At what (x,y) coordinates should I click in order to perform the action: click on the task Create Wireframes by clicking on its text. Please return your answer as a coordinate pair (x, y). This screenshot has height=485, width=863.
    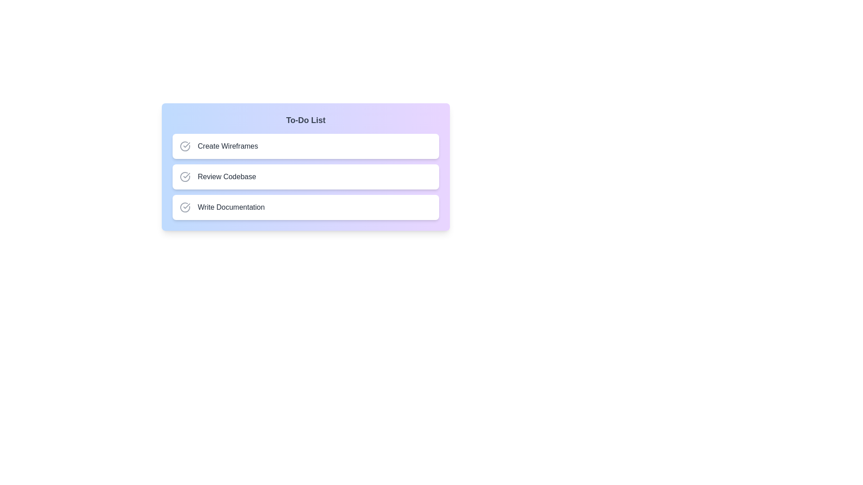
    Looking at the image, I should click on (228, 146).